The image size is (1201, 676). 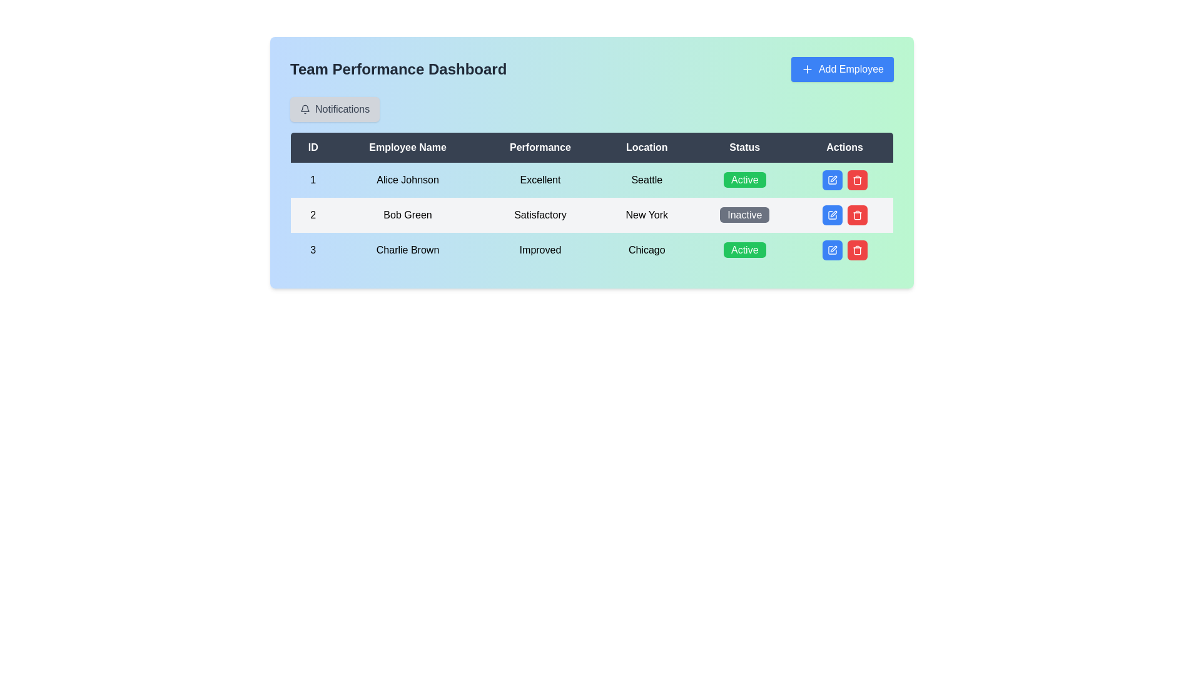 I want to click on the small red button with a white trash can icon located in the 'Actions' column of the second row in the table, so click(x=856, y=214).